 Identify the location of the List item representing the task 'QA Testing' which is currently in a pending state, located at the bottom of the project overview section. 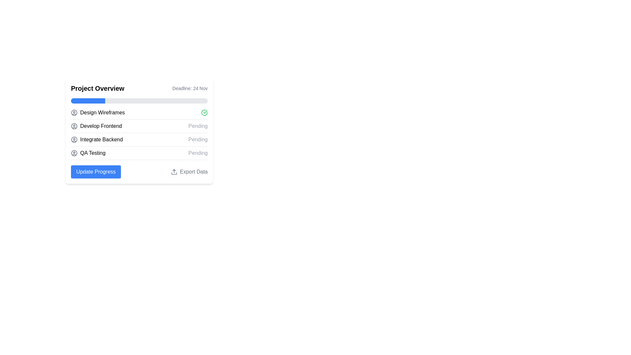
(139, 154).